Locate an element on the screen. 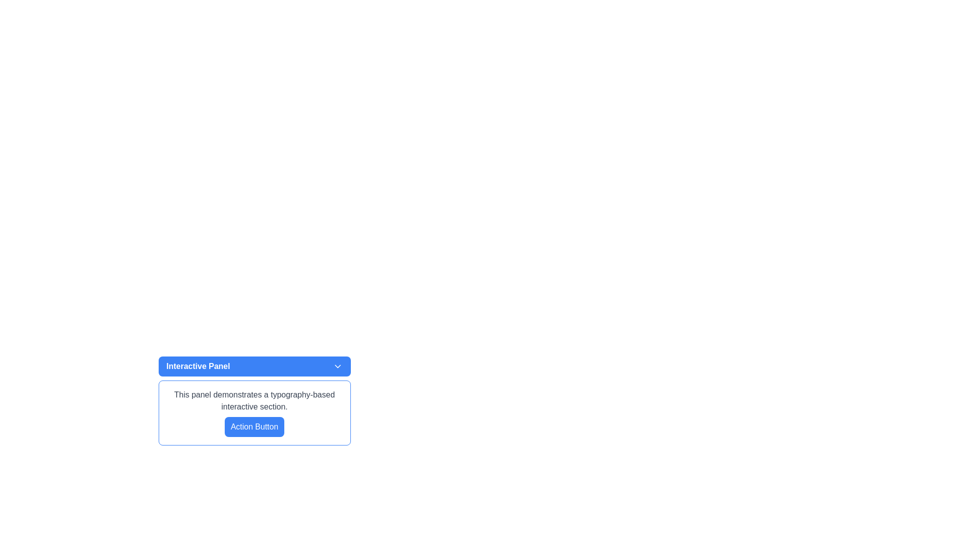 The image size is (961, 540). the button located within a bordered panel with rounded corners and a light blue outline, situated below the descriptive text reading 'This panel demonstrates a typography-based interactive section.' is located at coordinates (254, 426).